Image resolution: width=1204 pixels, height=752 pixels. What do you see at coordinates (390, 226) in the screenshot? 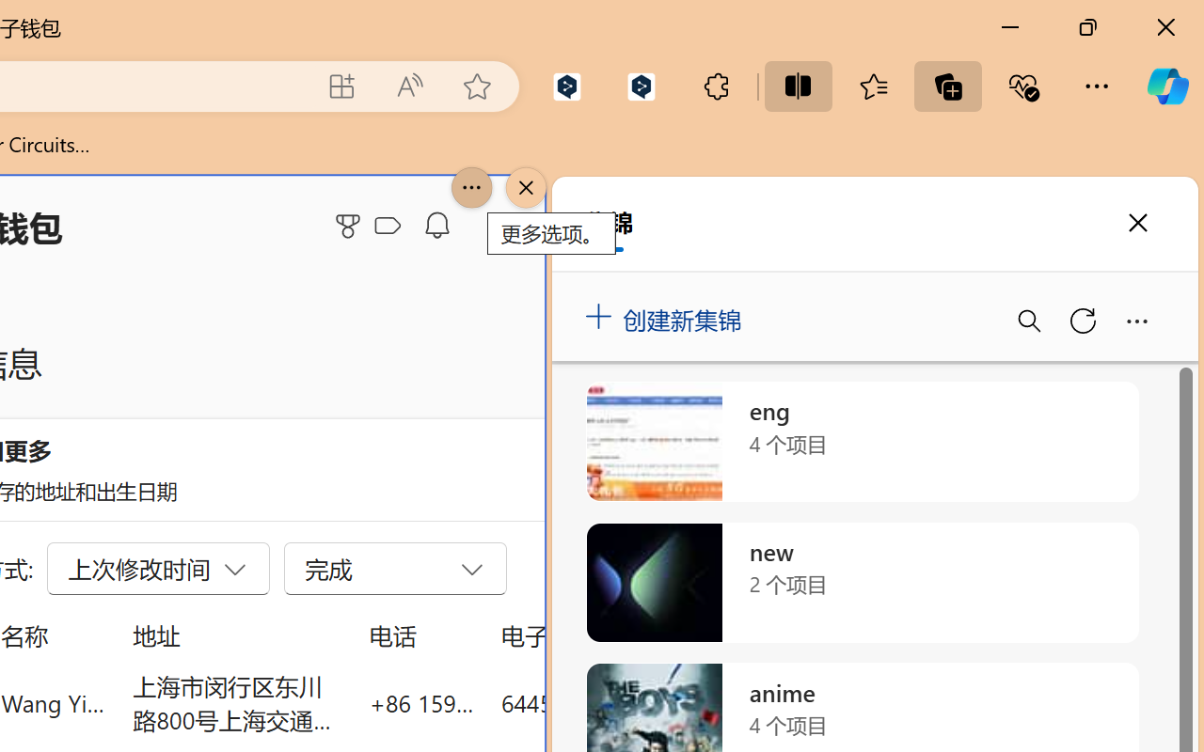
I see `'Microsoft Cashback'` at bounding box center [390, 226].